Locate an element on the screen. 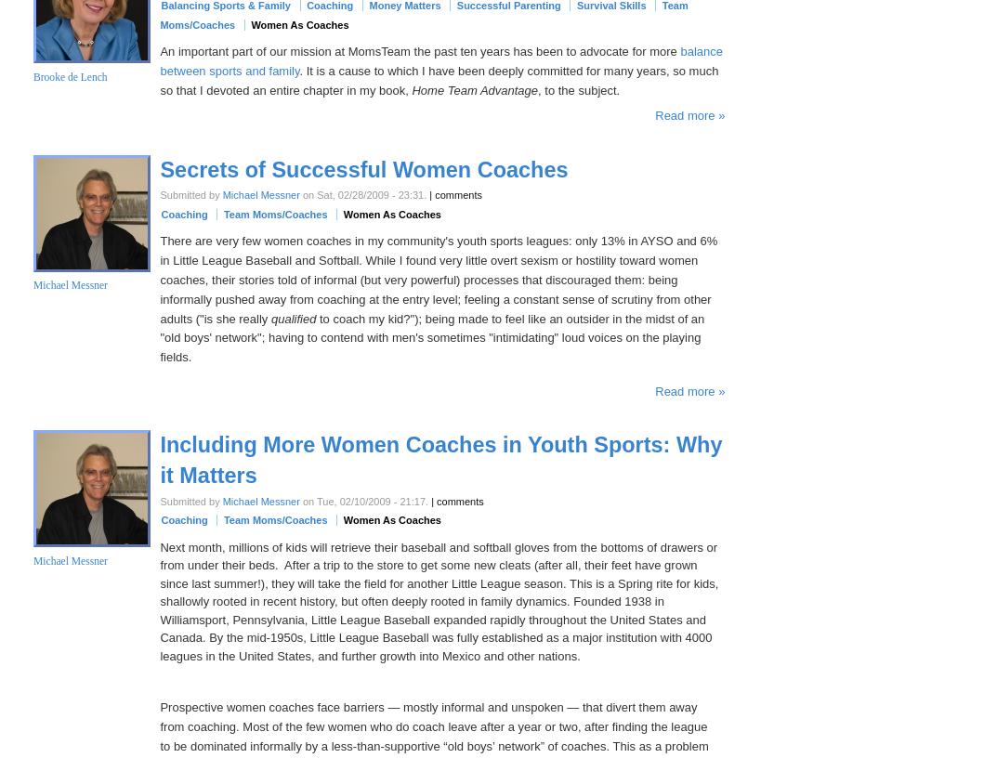 This screenshot has height=758, width=997. 'Money Matters' is located at coordinates (404, 5).